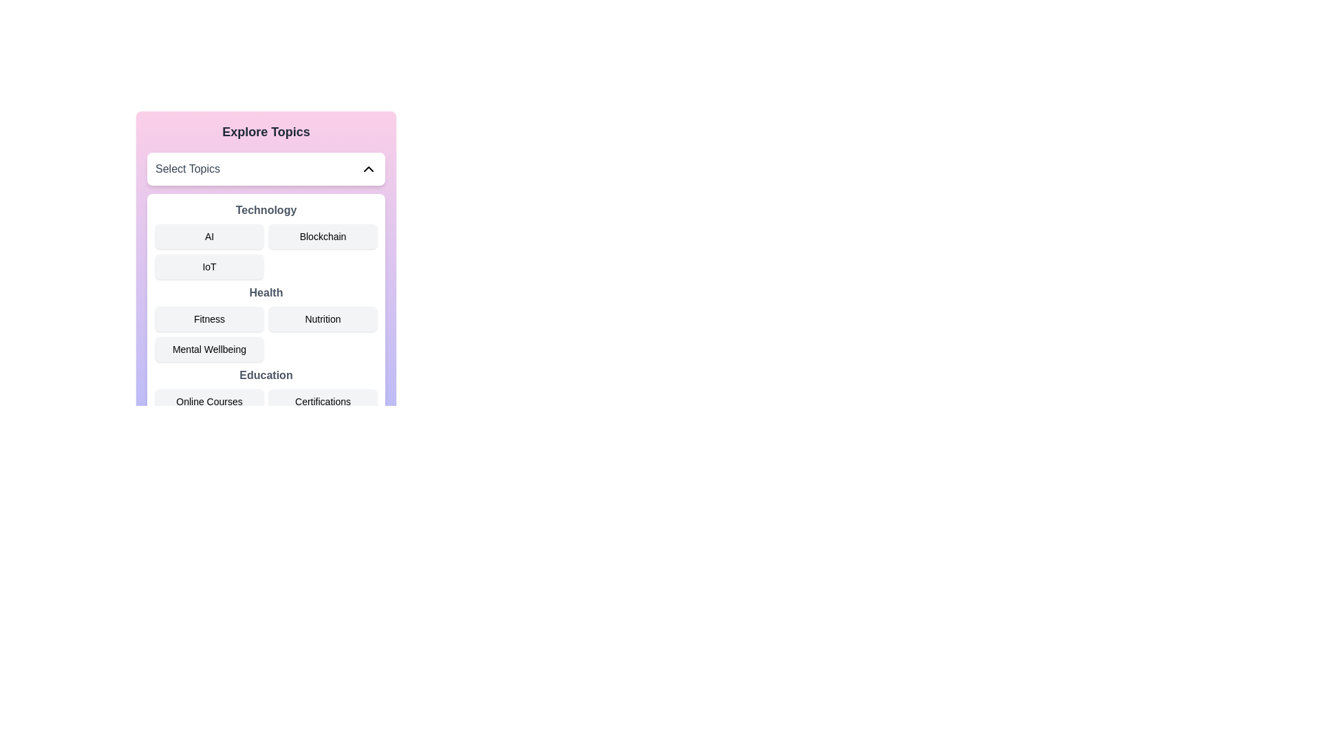  Describe the element at coordinates (208, 267) in the screenshot. I see `the selectable button labeled 'IoT' located in the 'Technology' section, positioned below the 'AI' button and to the left of the 'Blockchain' button` at that location.